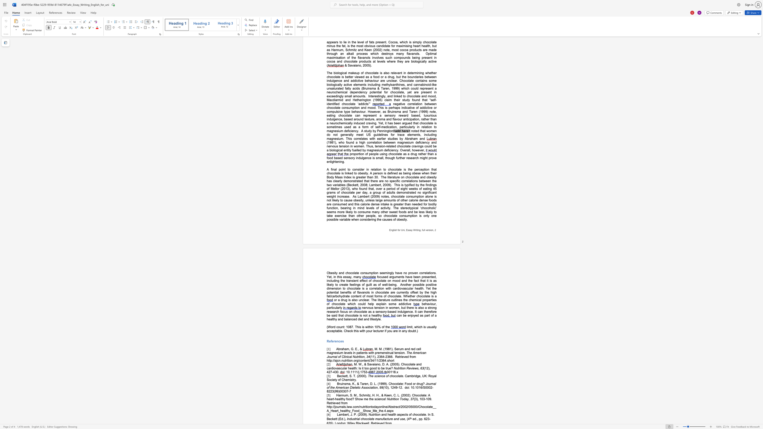 The width and height of the screenshot is (763, 429). What do you see at coordinates (353, 327) in the screenshot?
I see `the subset text ". This is within 10% of t" within the text "(Word count: 1087. This is within 10% of the"` at bounding box center [353, 327].